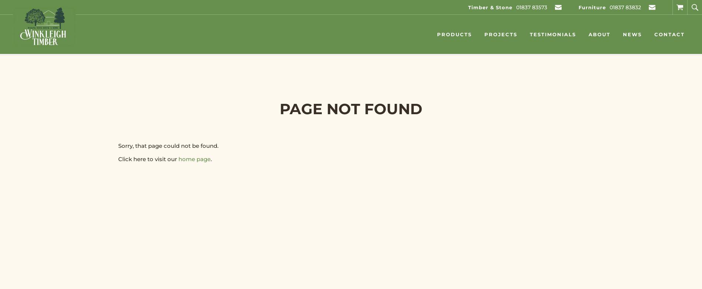 The image size is (702, 289). I want to click on 'Contact', so click(669, 34).